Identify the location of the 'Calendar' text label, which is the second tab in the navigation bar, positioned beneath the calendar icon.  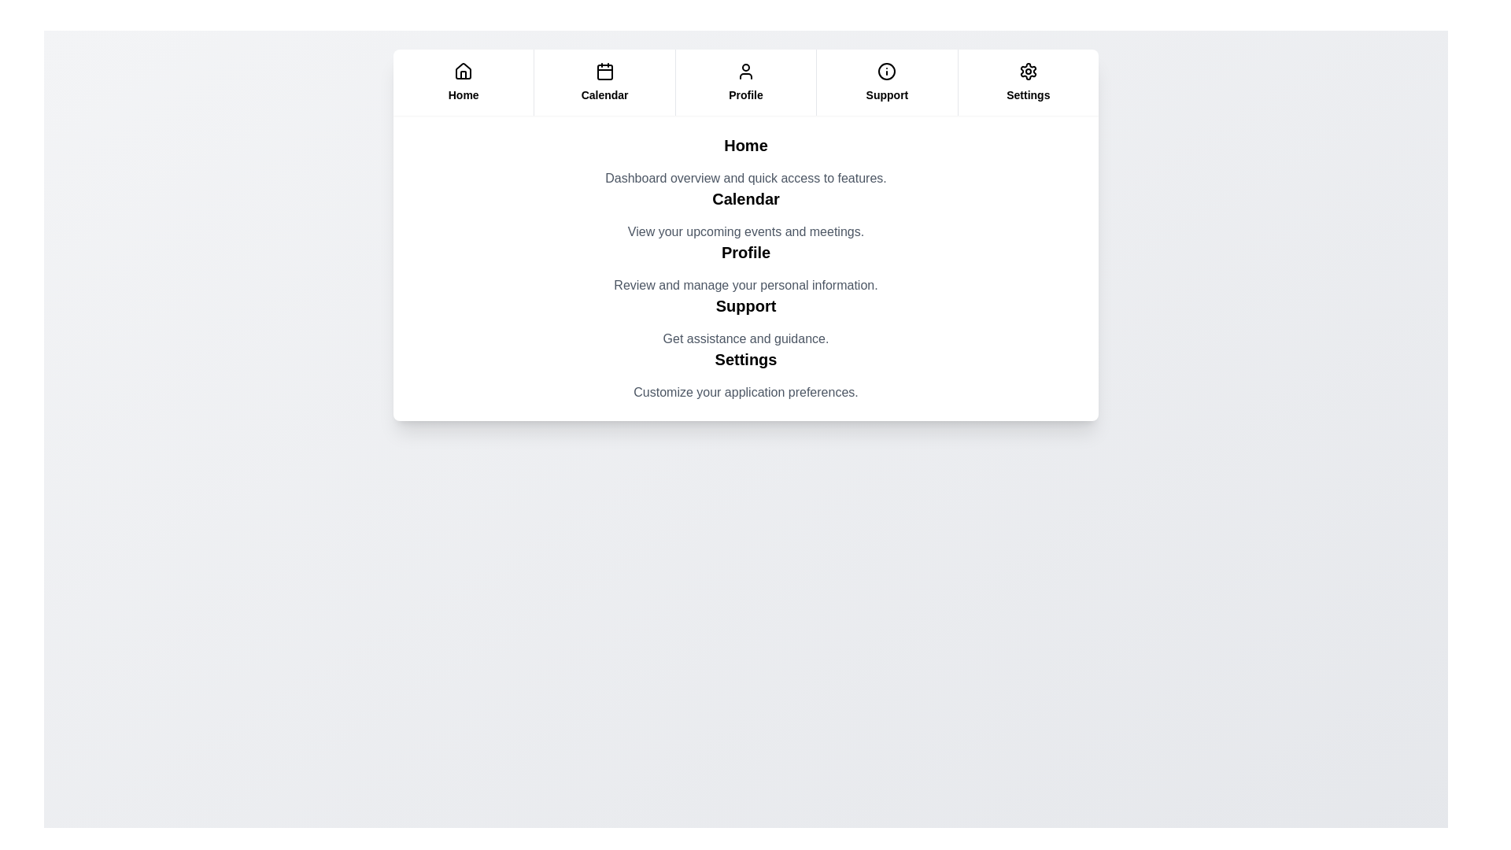
(604, 94).